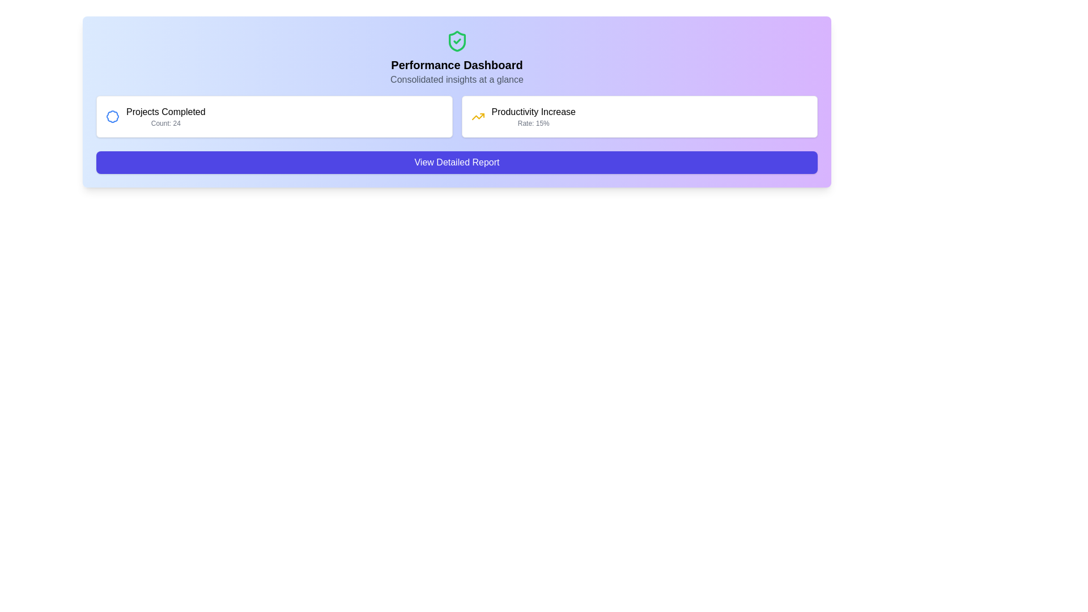 Image resolution: width=1088 pixels, height=612 pixels. I want to click on the informational text label that describes the metric displayed in the card, located on the left side of the white rectangular card, above the text 'Count: 24', so click(165, 112).